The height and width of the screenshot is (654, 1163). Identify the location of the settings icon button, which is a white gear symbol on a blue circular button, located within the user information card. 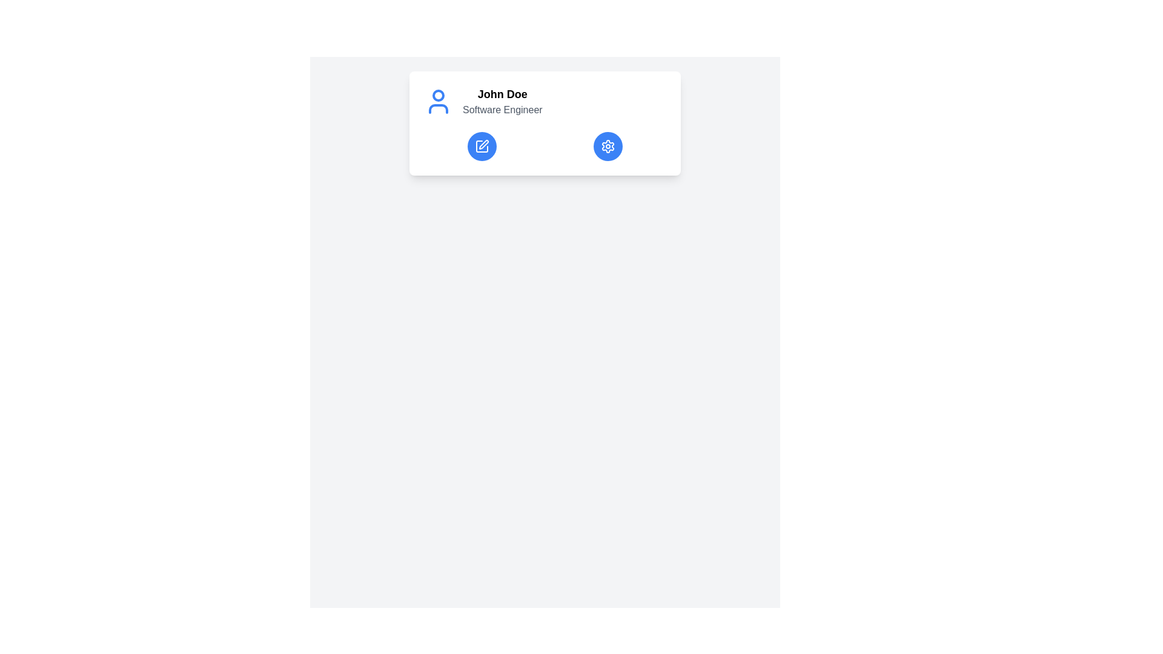
(608, 146).